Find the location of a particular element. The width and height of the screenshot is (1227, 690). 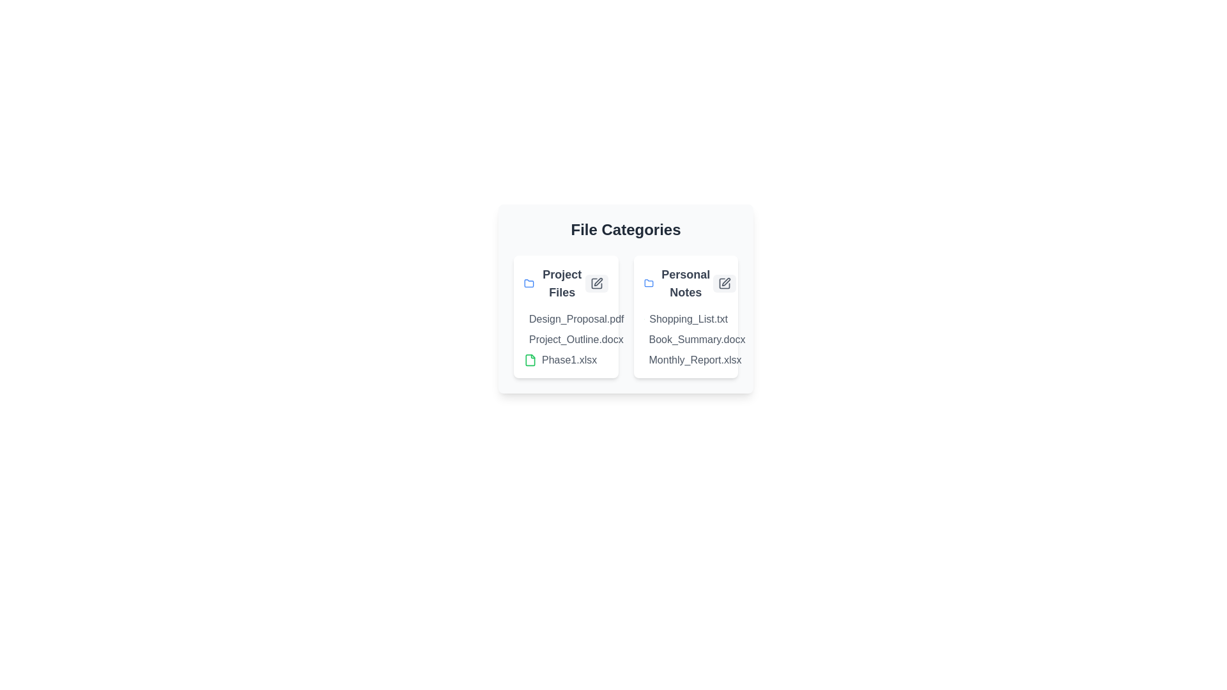

the document Book_Summary.docx is located at coordinates (649, 339).